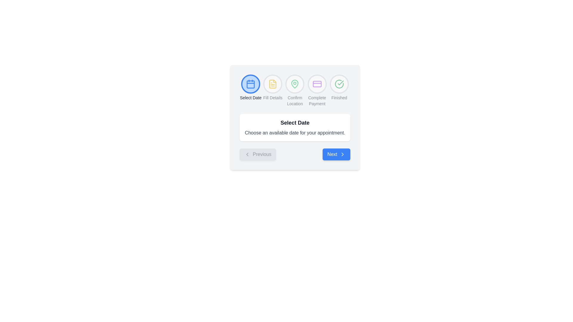 Image resolution: width=573 pixels, height=322 pixels. Describe the element at coordinates (295, 100) in the screenshot. I see `the text label indicating the third step in the process that confirms the user's location, positioned beneath a green map pin icon and surrounded by other step labels` at that location.